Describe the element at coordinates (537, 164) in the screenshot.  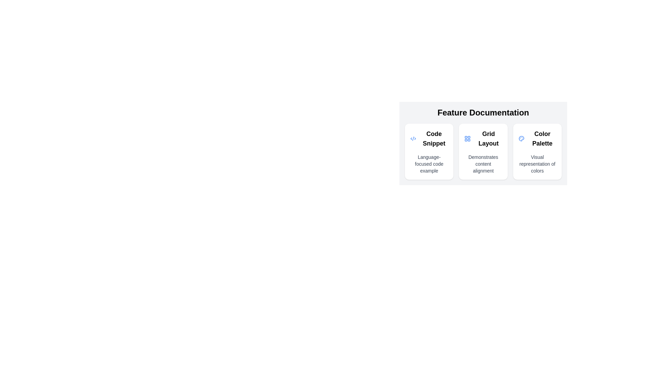
I see `descriptive label text located beneath the 'Color Palette' heading in the 'Color Palette' section of the 'Feature Documentation' interface` at that location.